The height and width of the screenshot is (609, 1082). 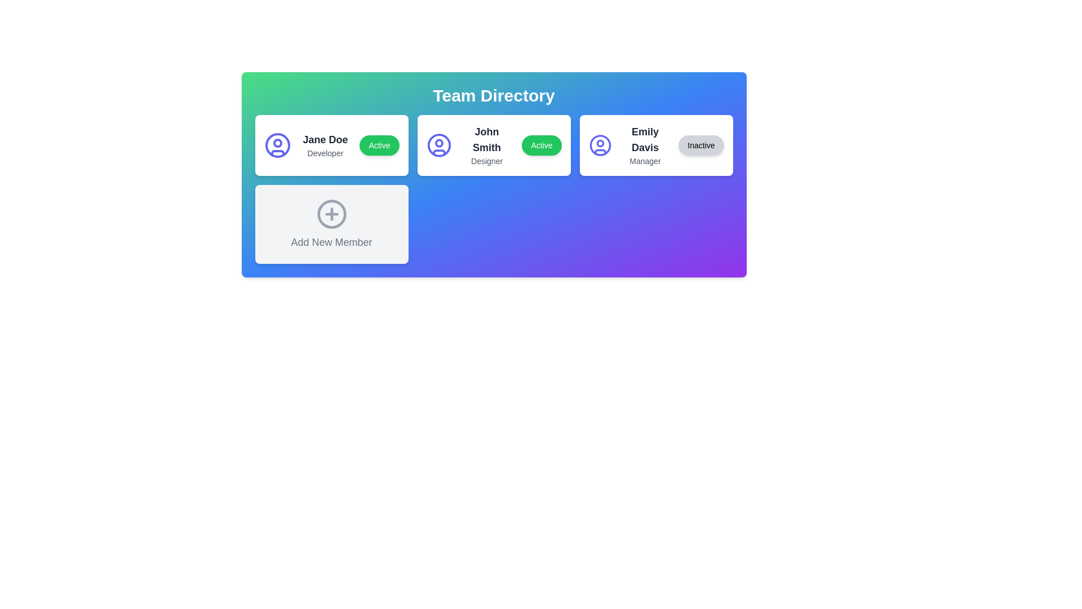 I want to click on the Text Display (Label) that shows the user's name and title in the 'Team Directory' section, located below the user icon and adjacent to the 'Inactive' status button, so click(x=645, y=145).